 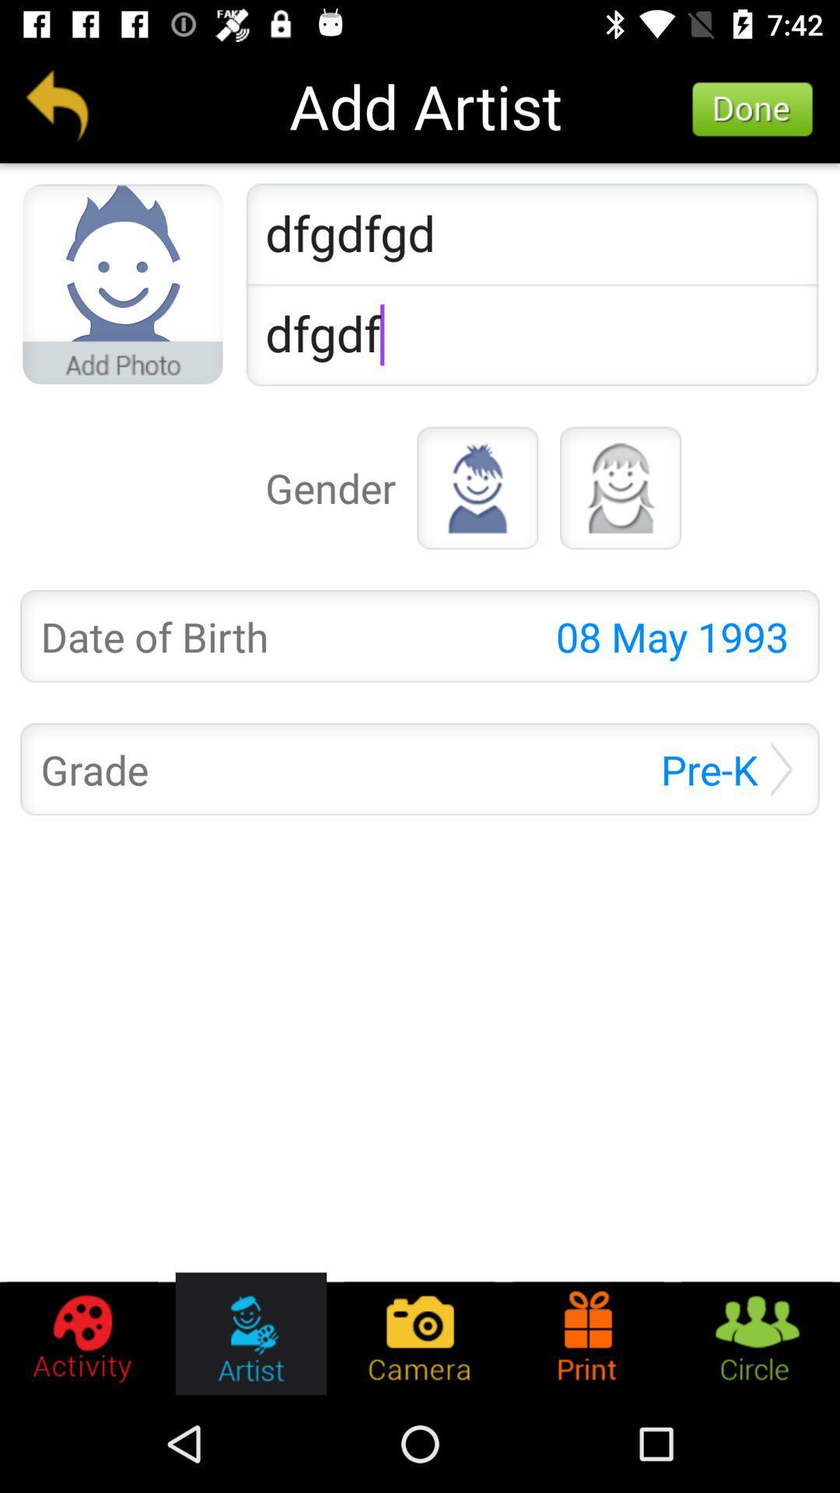 What do you see at coordinates (752, 109) in the screenshot?
I see `the icon to the right of add artist icon` at bounding box center [752, 109].